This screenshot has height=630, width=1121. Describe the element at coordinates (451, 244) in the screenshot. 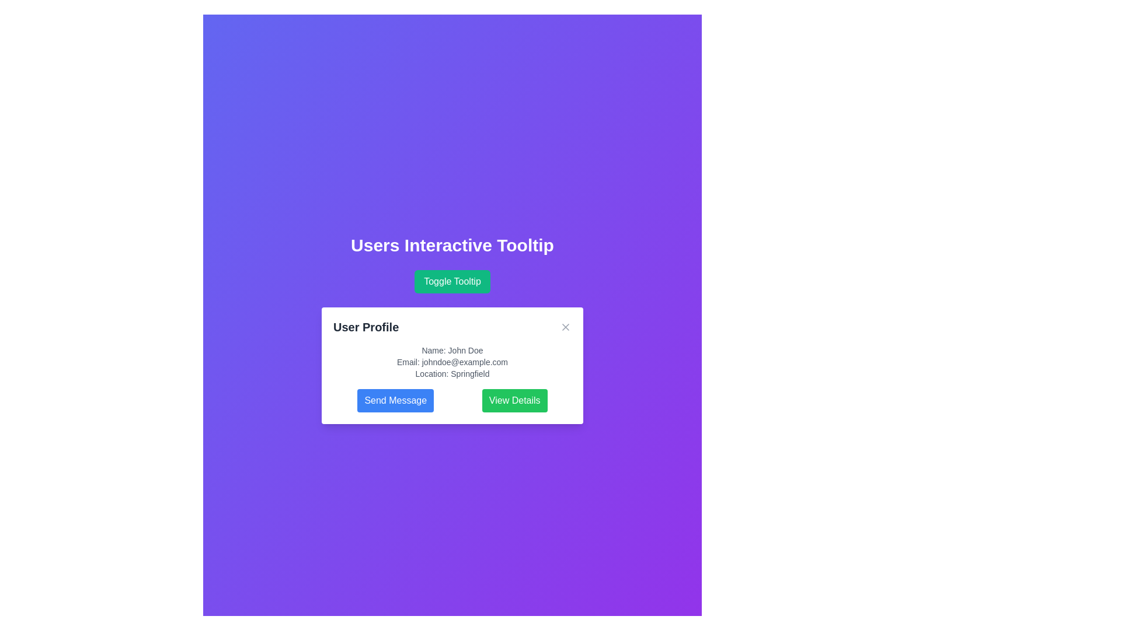

I see `the static Text heading at the top center of the layout, which introduces or labels the section of the interface` at that location.